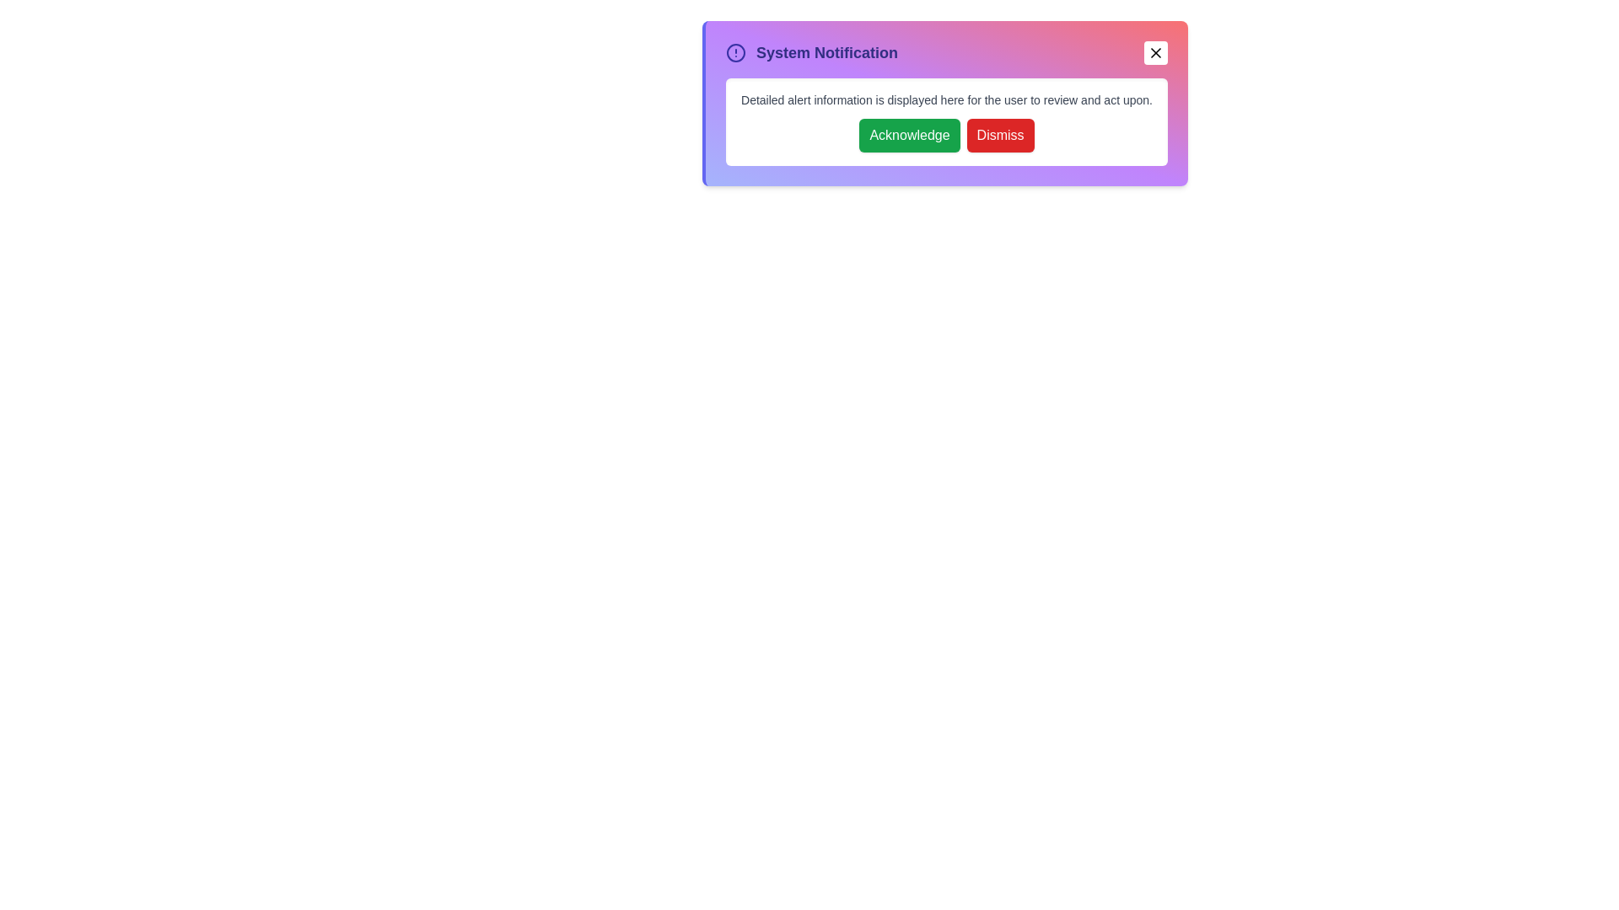 The height and width of the screenshot is (910, 1619). Describe the element at coordinates (1155, 51) in the screenshot. I see `the close button to collapse the alert` at that location.